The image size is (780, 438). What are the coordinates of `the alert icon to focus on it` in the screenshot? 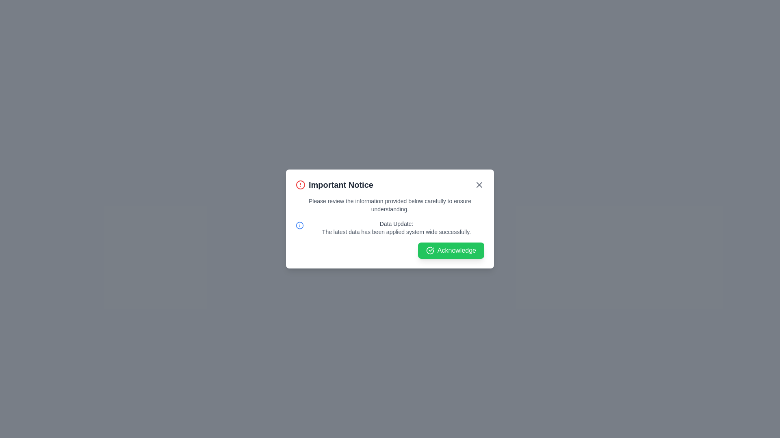 It's located at (300, 185).